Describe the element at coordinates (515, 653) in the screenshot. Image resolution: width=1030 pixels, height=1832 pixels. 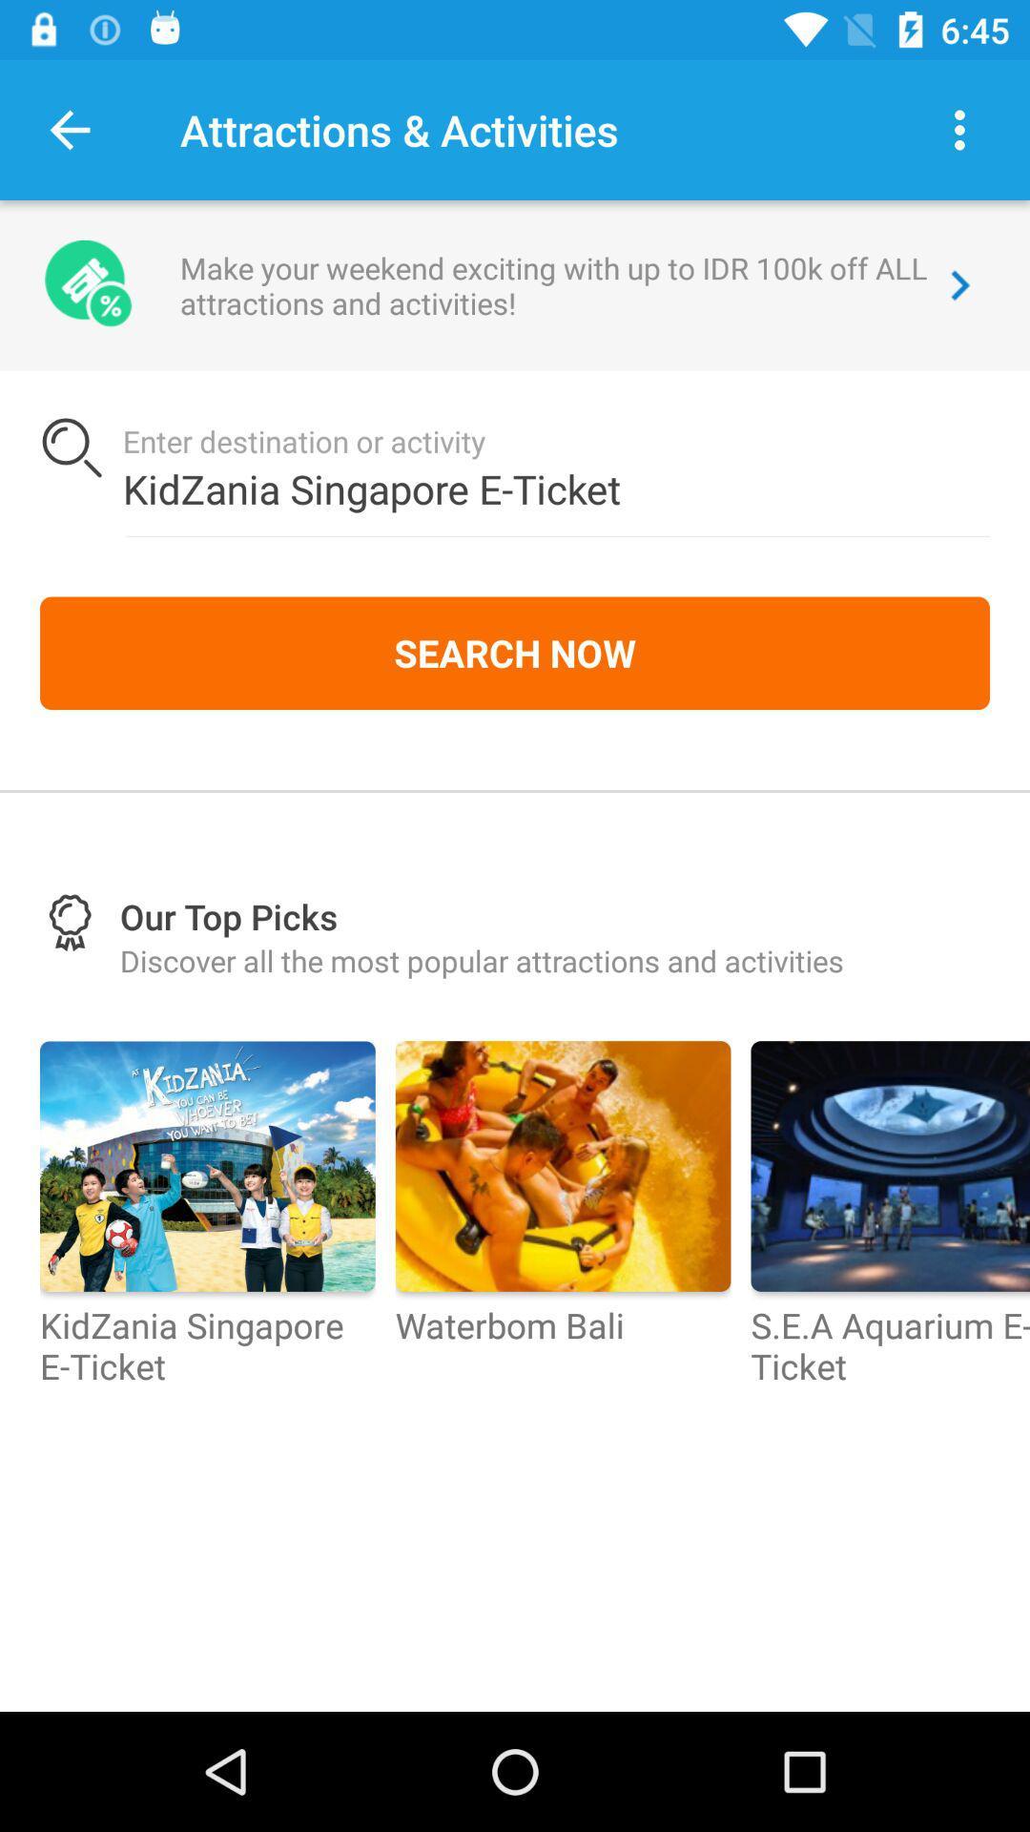
I see `search now icon` at that location.